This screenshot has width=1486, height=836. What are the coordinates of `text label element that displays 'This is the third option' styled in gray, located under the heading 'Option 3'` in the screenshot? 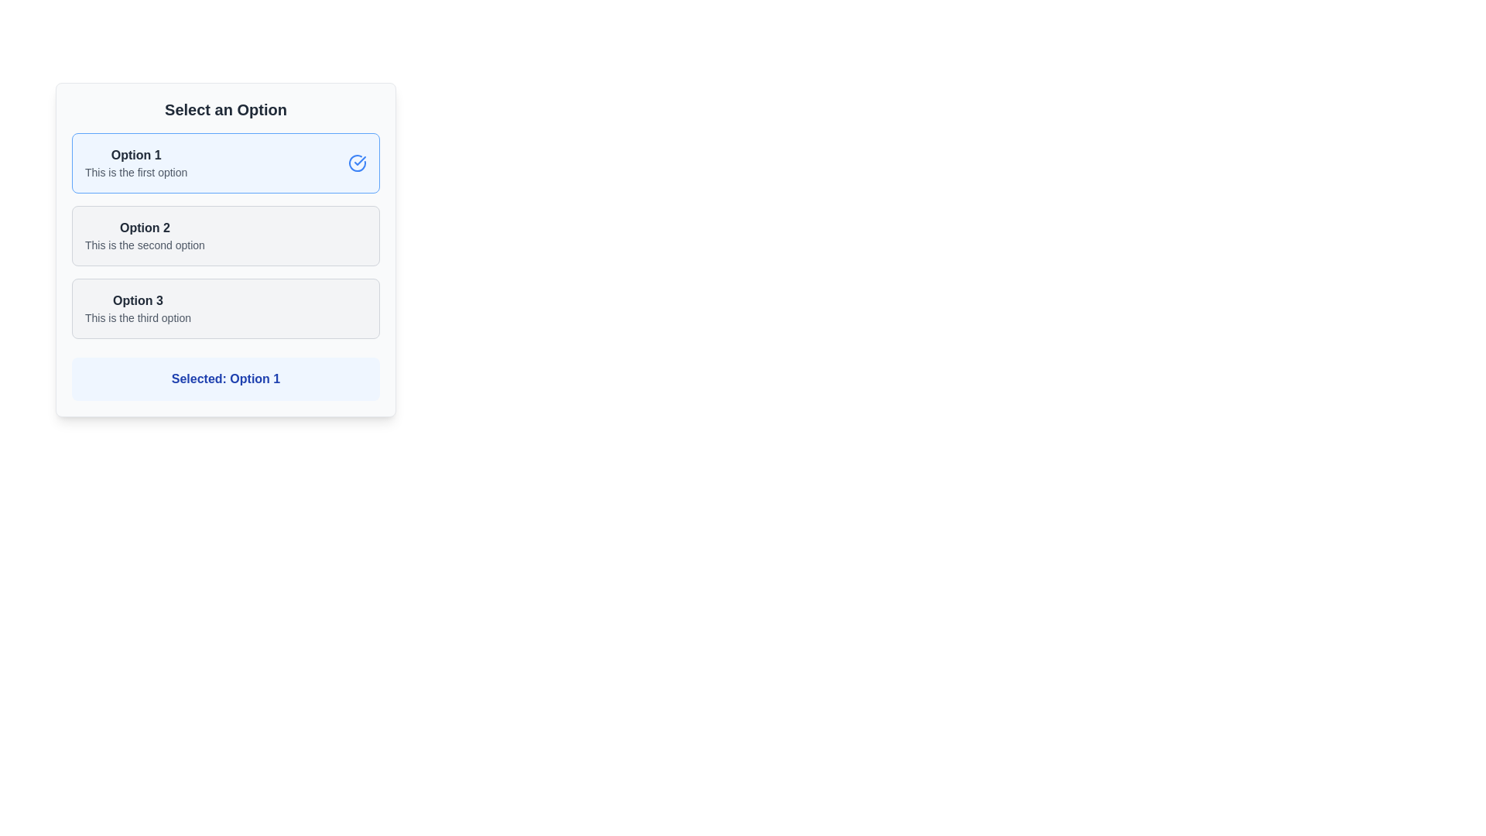 It's located at (138, 317).